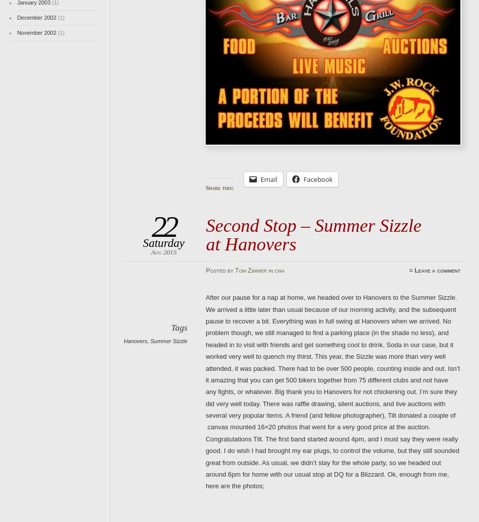 The height and width of the screenshot is (522, 479). What do you see at coordinates (313, 234) in the screenshot?
I see `'Second Stop – Summer Sizzle at Hanovers'` at bounding box center [313, 234].